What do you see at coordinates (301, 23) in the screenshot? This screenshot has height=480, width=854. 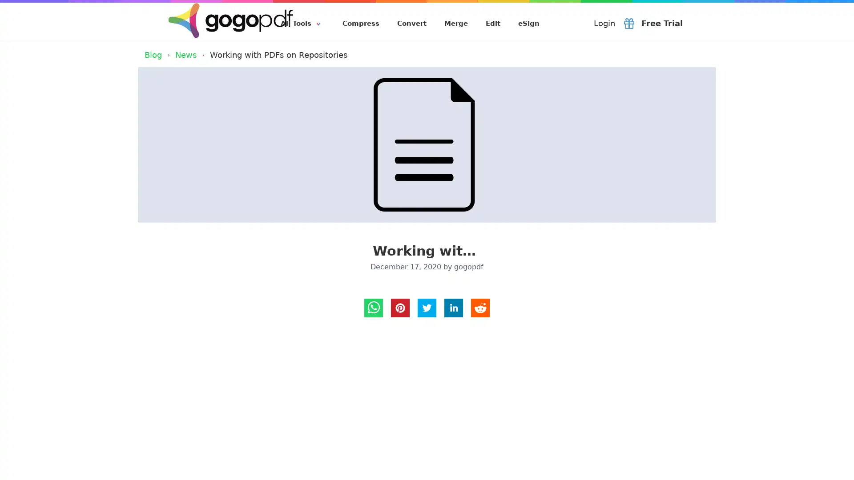 I see `All Tools` at bounding box center [301, 23].